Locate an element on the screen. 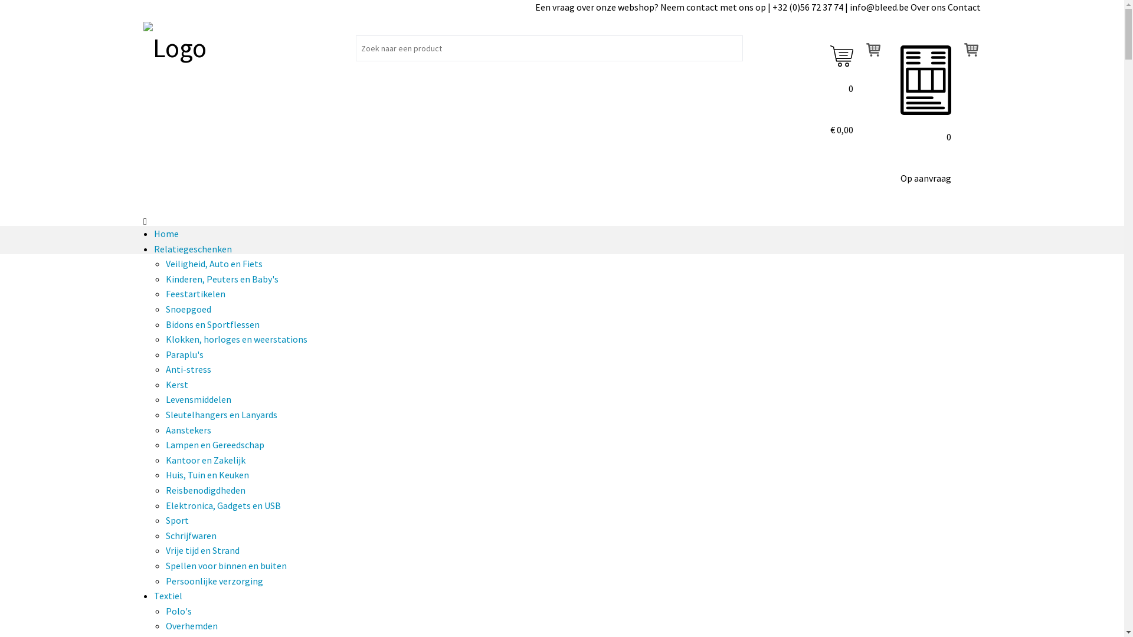 The height and width of the screenshot is (637, 1133). 'Spellen voor binnen en buiten' is located at coordinates (226, 565).